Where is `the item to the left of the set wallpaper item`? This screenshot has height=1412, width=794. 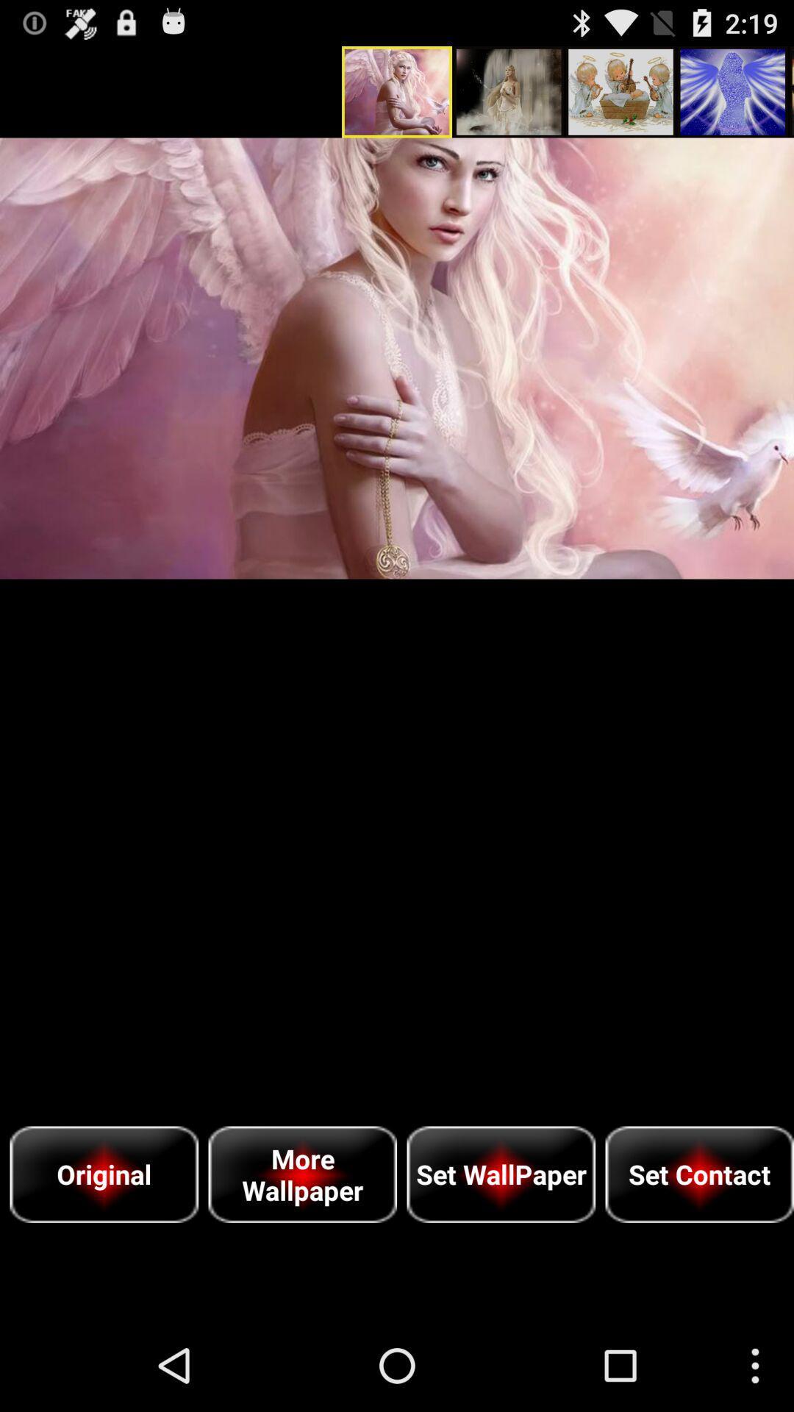 the item to the left of the set wallpaper item is located at coordinates (301, 1174).